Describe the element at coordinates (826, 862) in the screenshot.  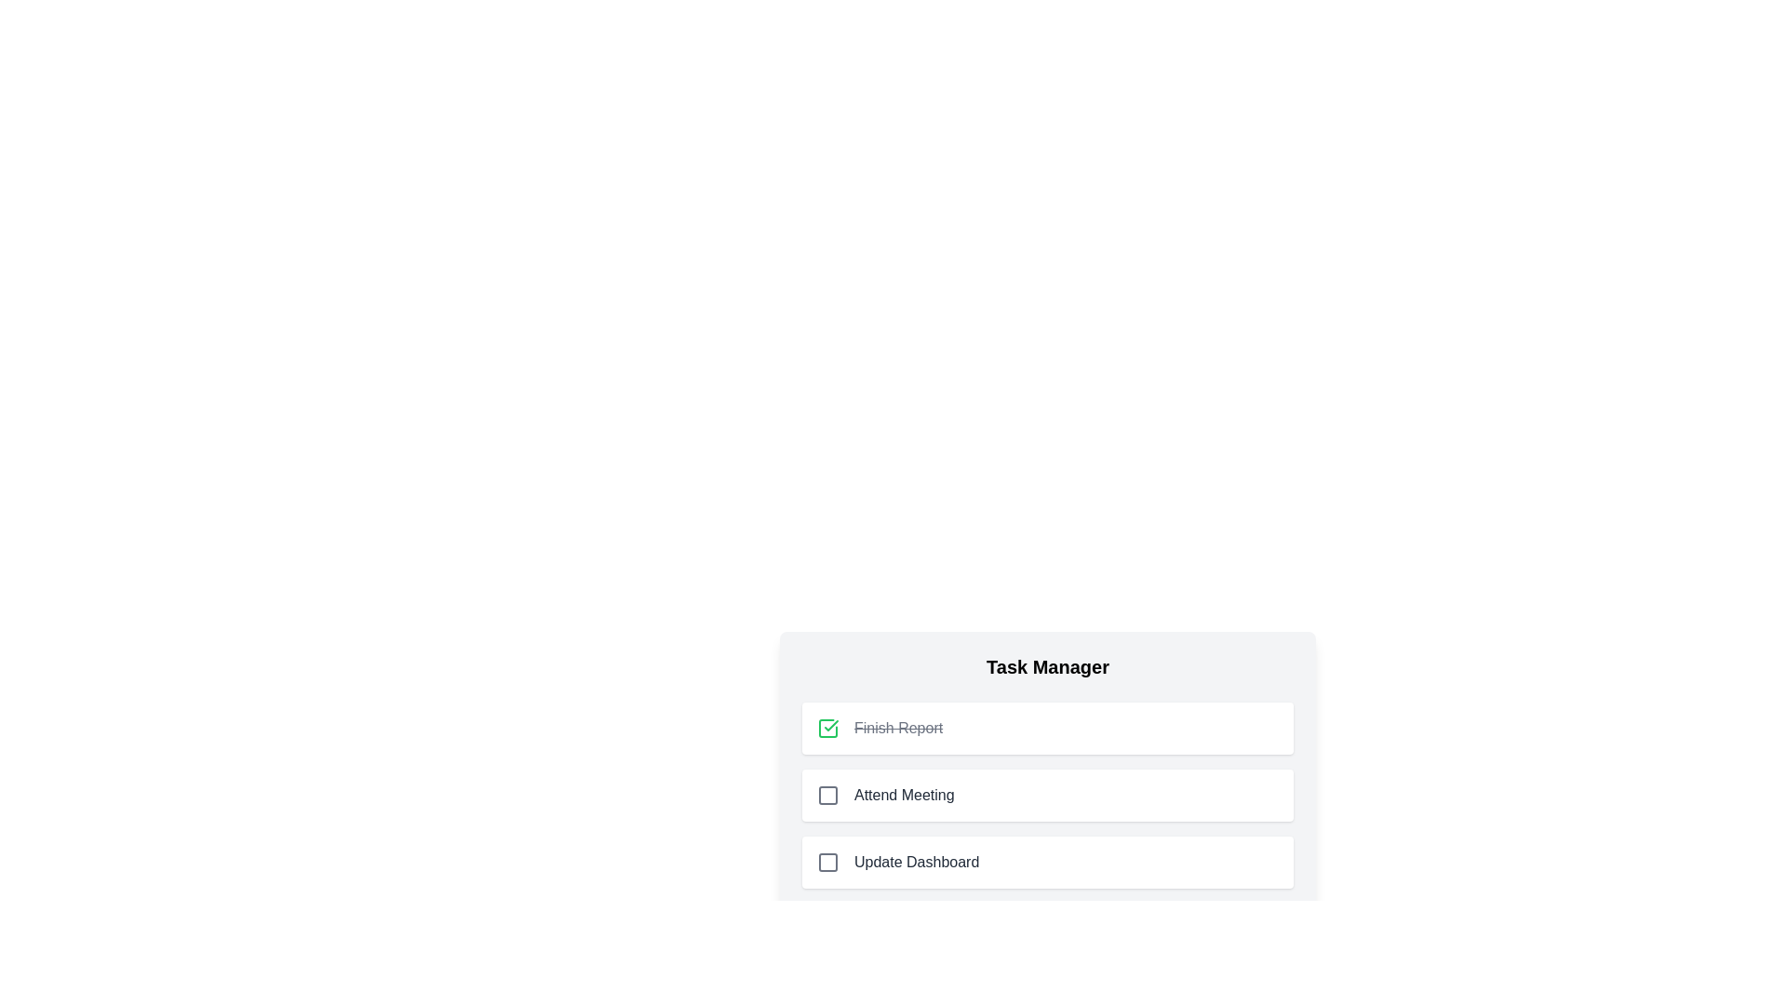
I see `the checkbox or status indicator located within the SVG icon for the task 'Update Dashboard', which has a light gray border and a hollow center, situated in the bottom task row to the left of the task description text` at that location.